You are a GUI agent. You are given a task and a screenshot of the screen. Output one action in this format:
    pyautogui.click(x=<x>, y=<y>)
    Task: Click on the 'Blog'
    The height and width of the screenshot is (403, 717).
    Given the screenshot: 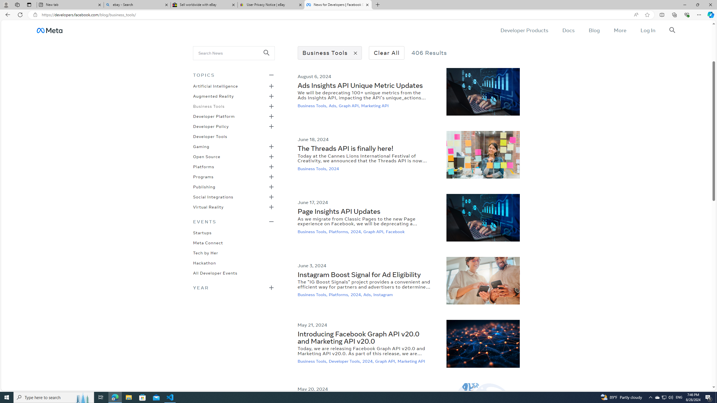 What is the action you would take?
    pyautogui.click(x=593, y=30)
    